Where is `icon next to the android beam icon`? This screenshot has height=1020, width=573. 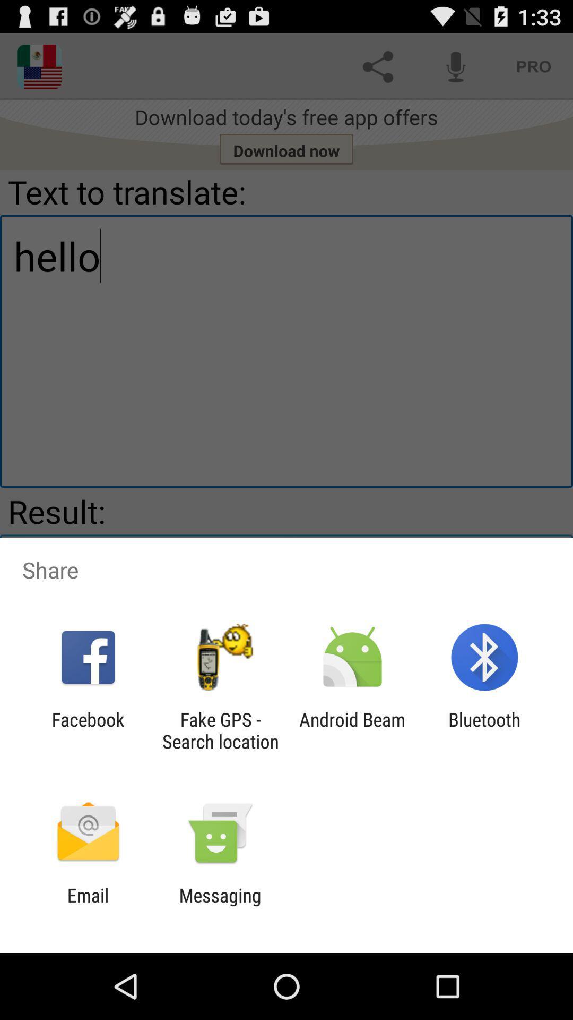
icon next to the android beam icon is located at coordinates (220, 730).